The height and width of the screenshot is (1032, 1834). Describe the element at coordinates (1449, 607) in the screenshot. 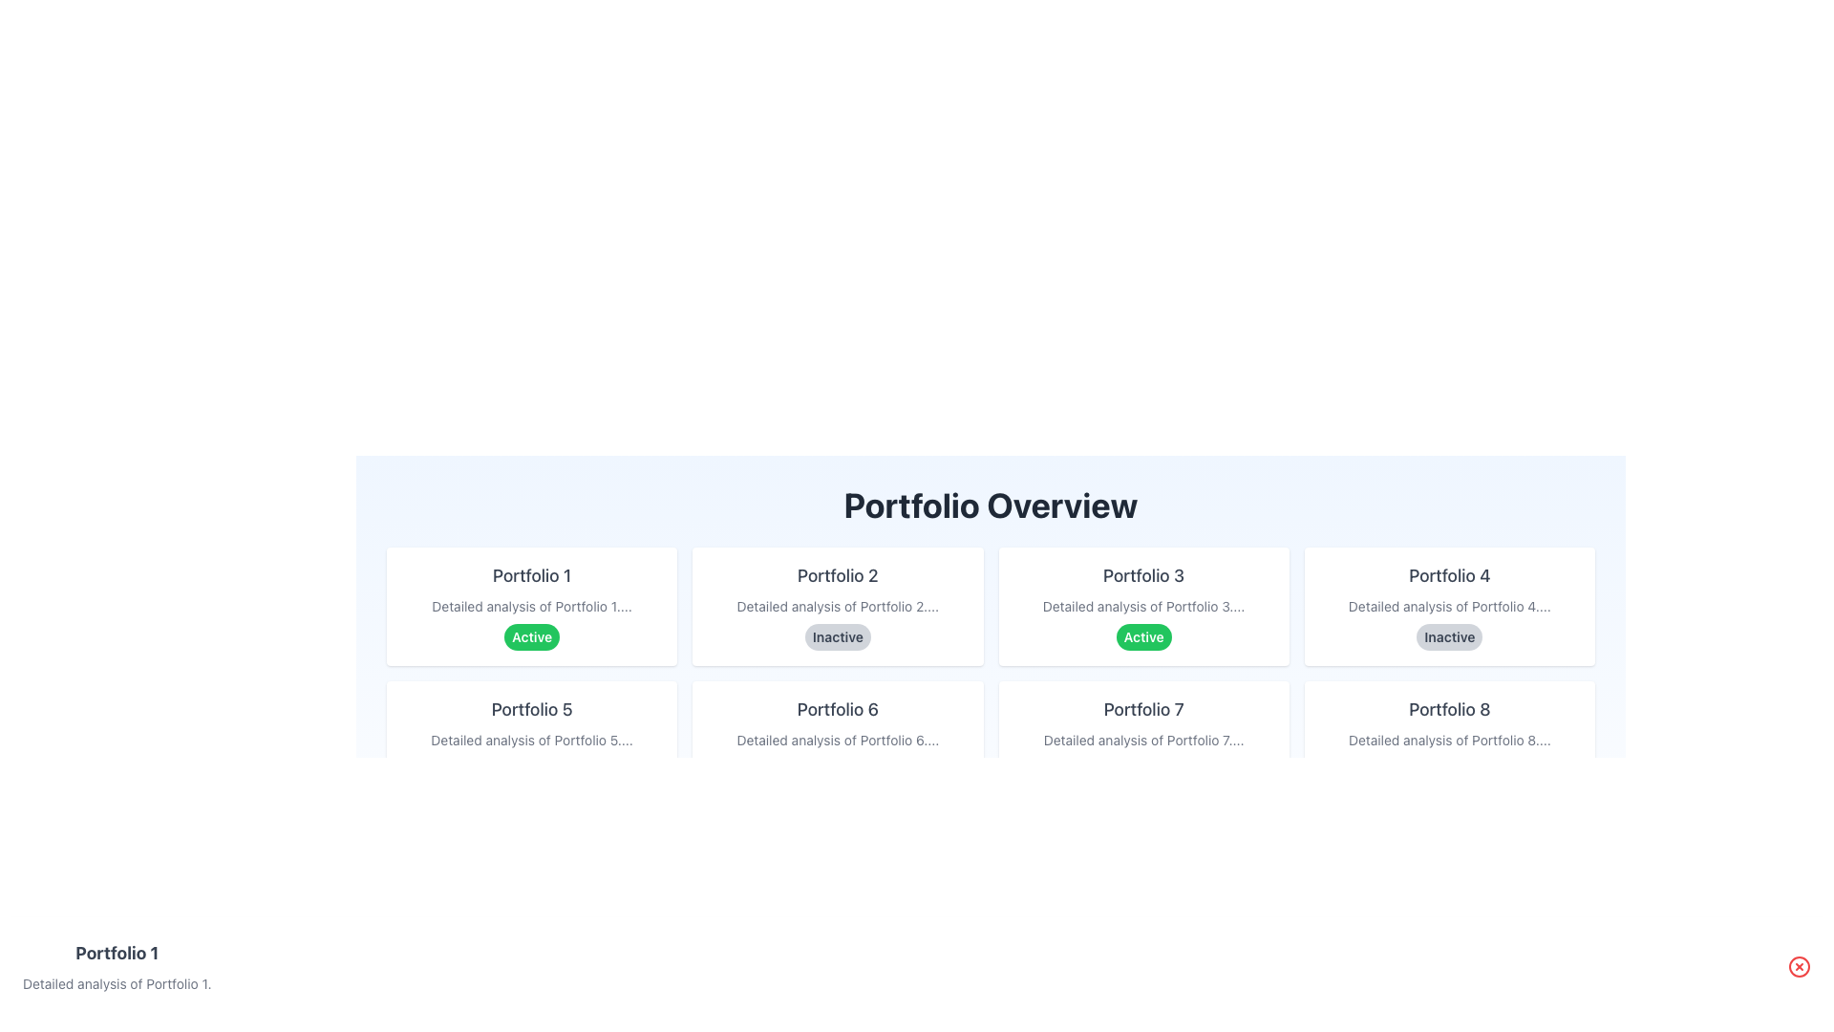

I see `summary text block located under the title 'Portfolio 4' and above the badge labeled 'Inactive' in the fourth card of the 'Portfolio Overview' section` at that location.